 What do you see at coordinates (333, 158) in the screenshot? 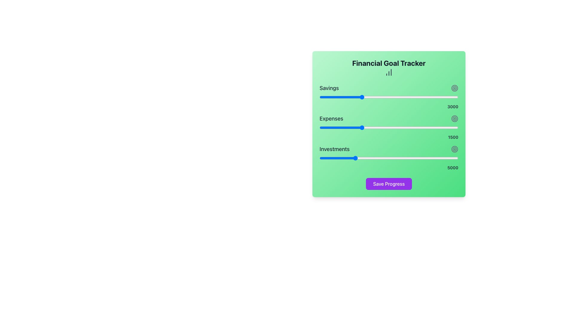
I see `the investment goal` at bounding box center [333, 158].